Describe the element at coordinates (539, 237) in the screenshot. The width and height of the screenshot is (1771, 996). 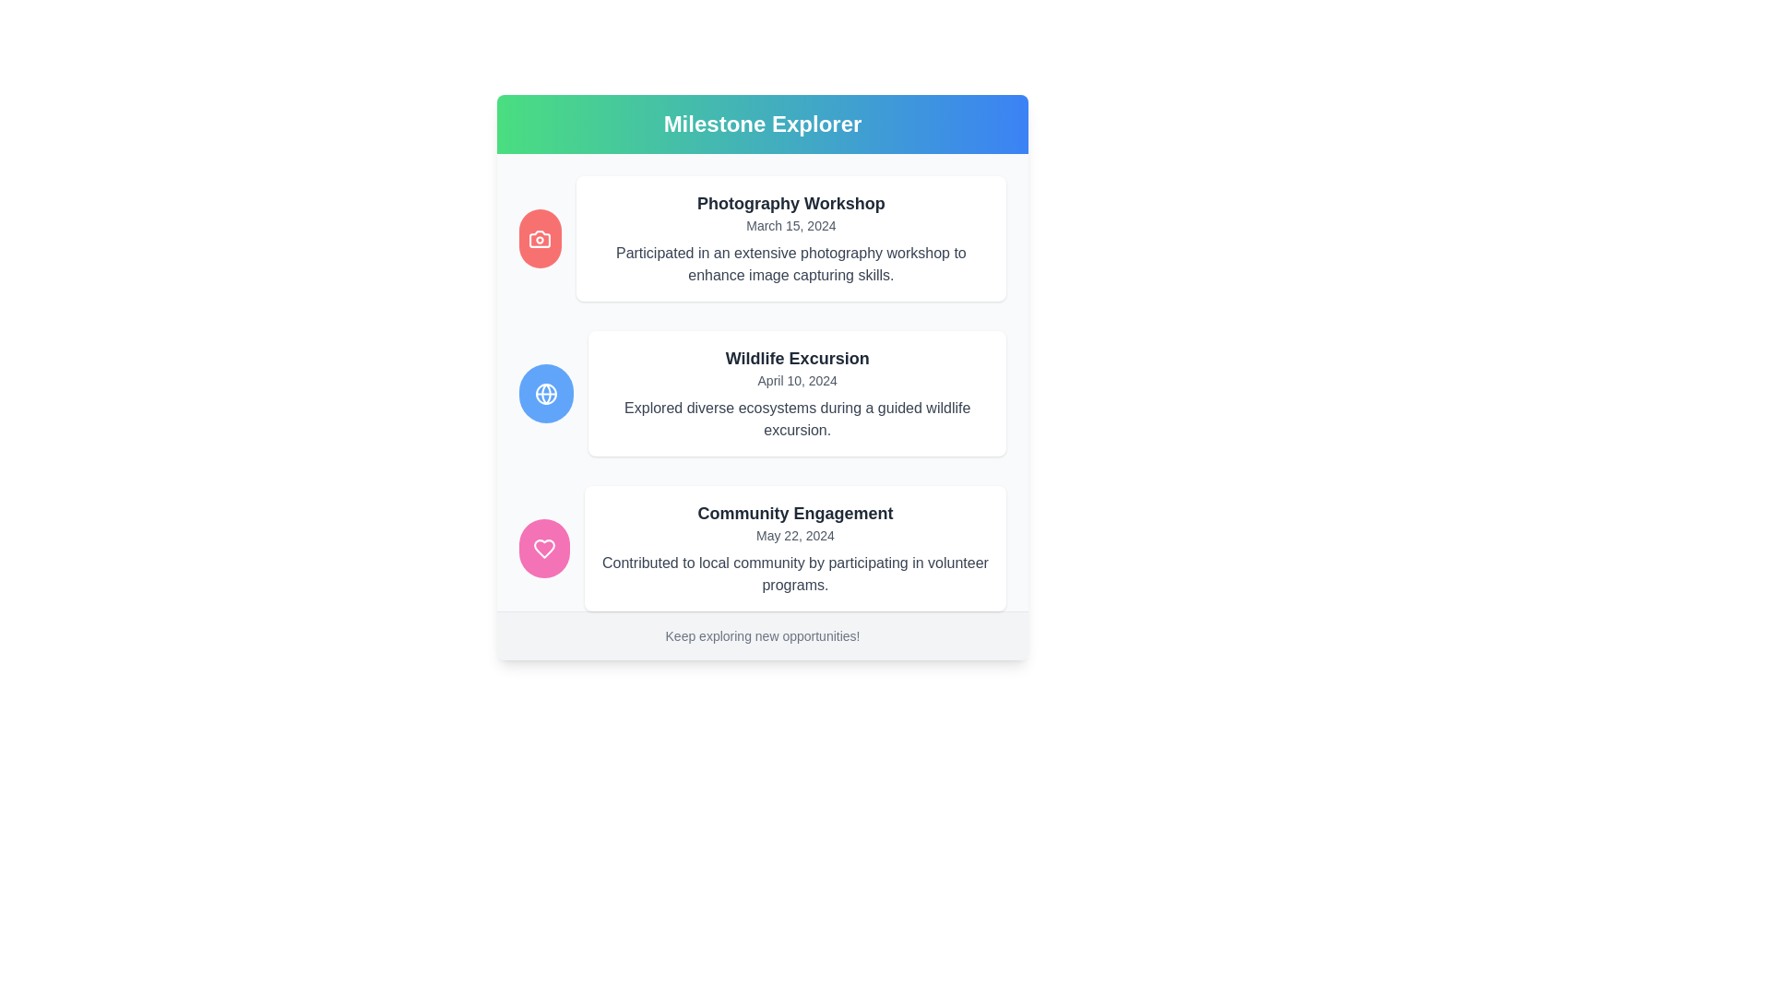
I see `the decorative red circular icon that signifies the theme of photography for the 'Photography Workshop' milestone entry, located in the leftmost column at the top among similar icons` at that location.